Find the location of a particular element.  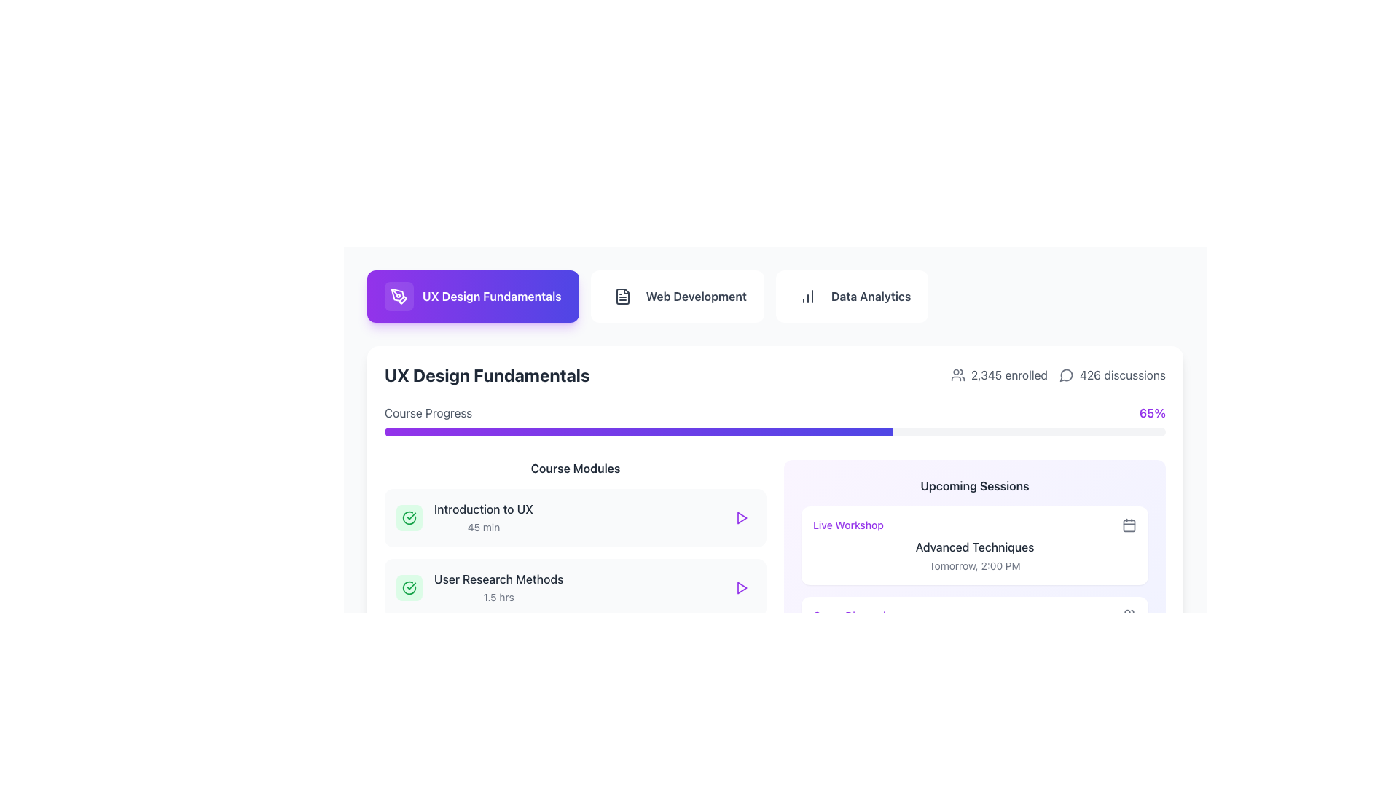

the status indication by interacting with the green checkmark icon located on the left side of the 'User Research Methods' section, above the duration label is located at coordinates (408, 517).